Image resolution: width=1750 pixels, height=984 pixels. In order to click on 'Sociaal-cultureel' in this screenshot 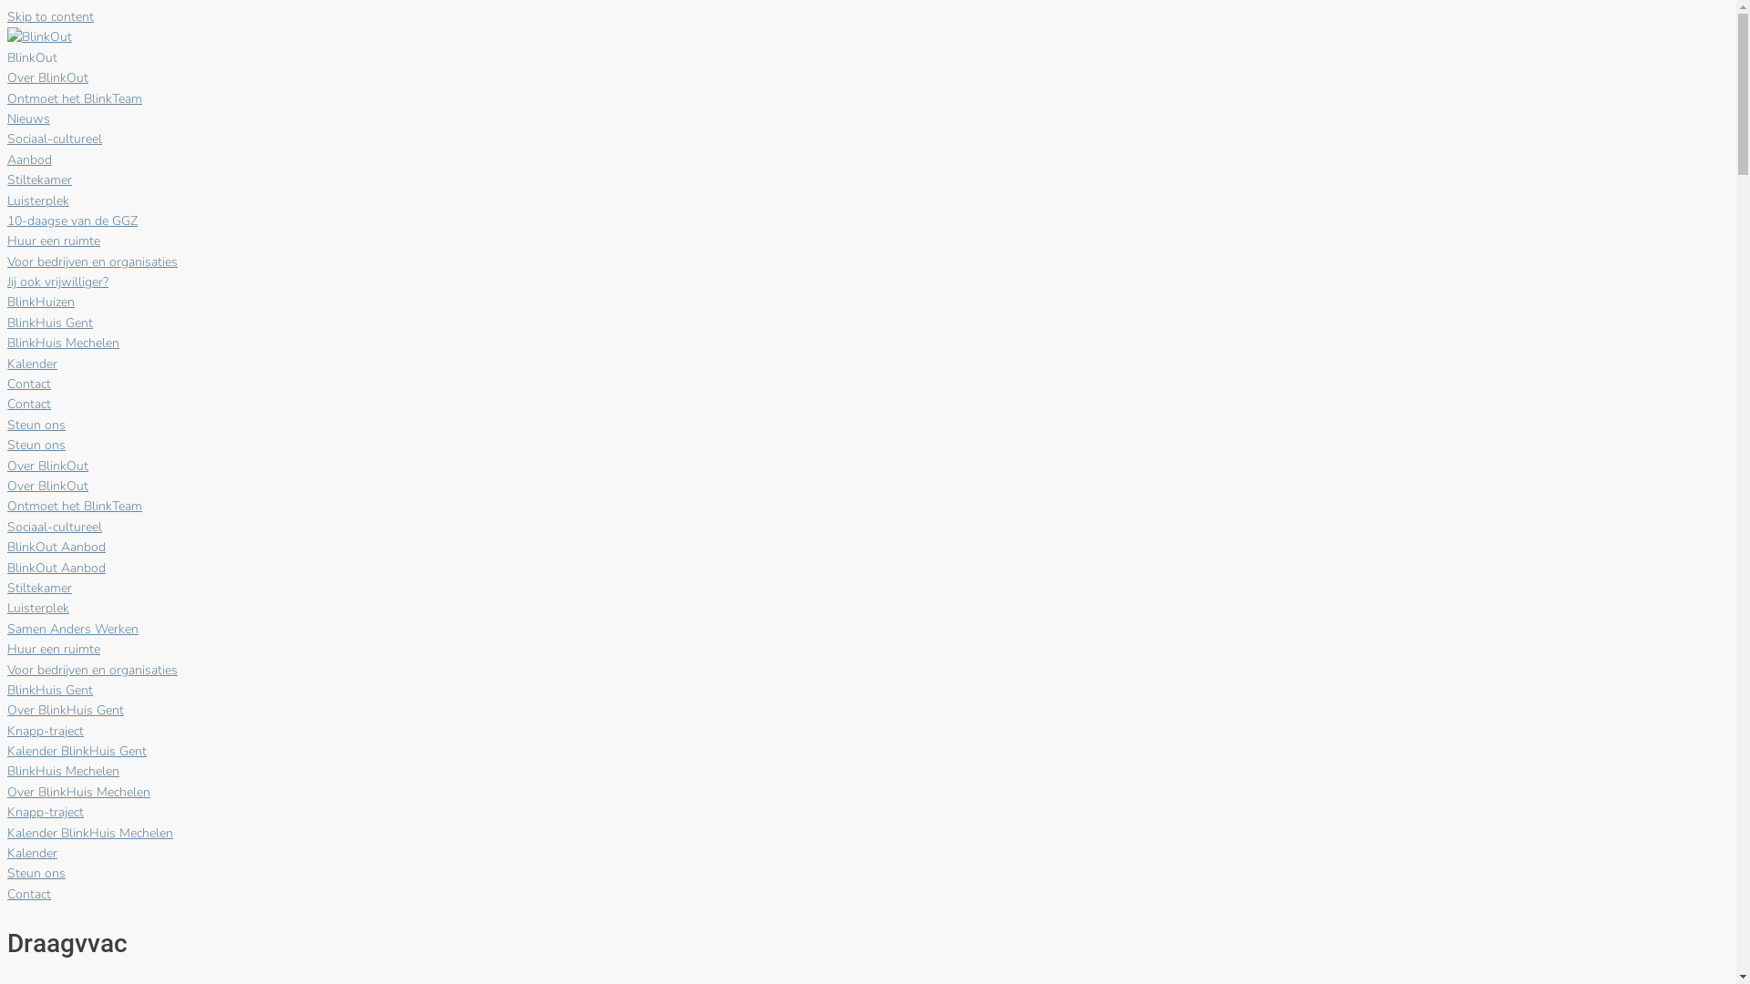, I will do `click(54, 138)`.